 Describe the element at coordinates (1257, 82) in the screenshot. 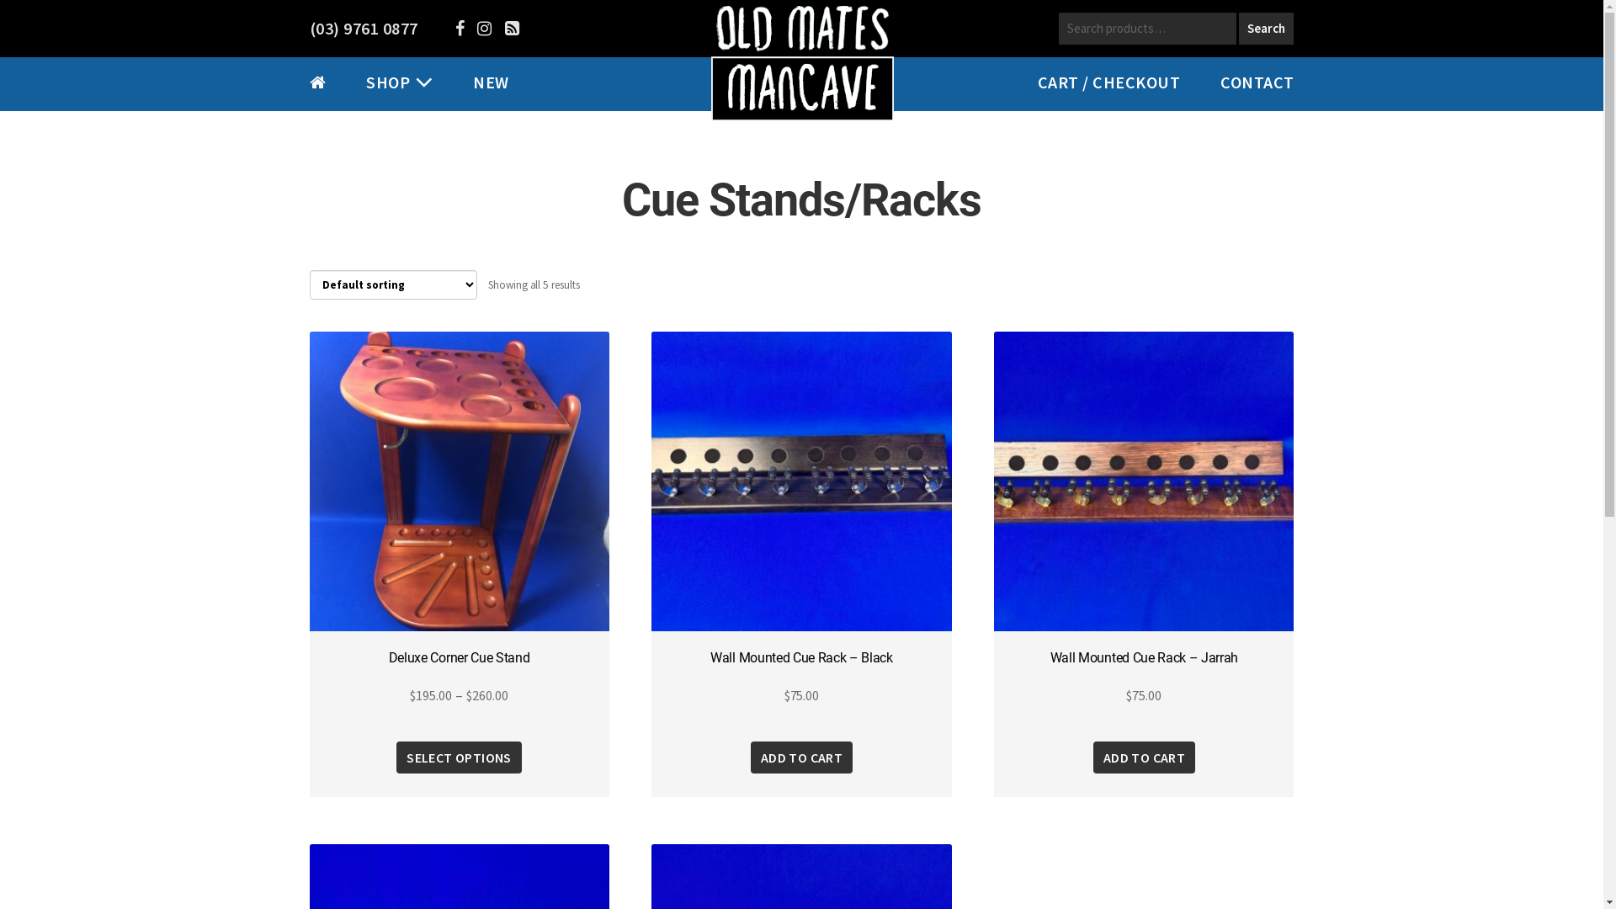

I see `'CONTACT'` at that location.